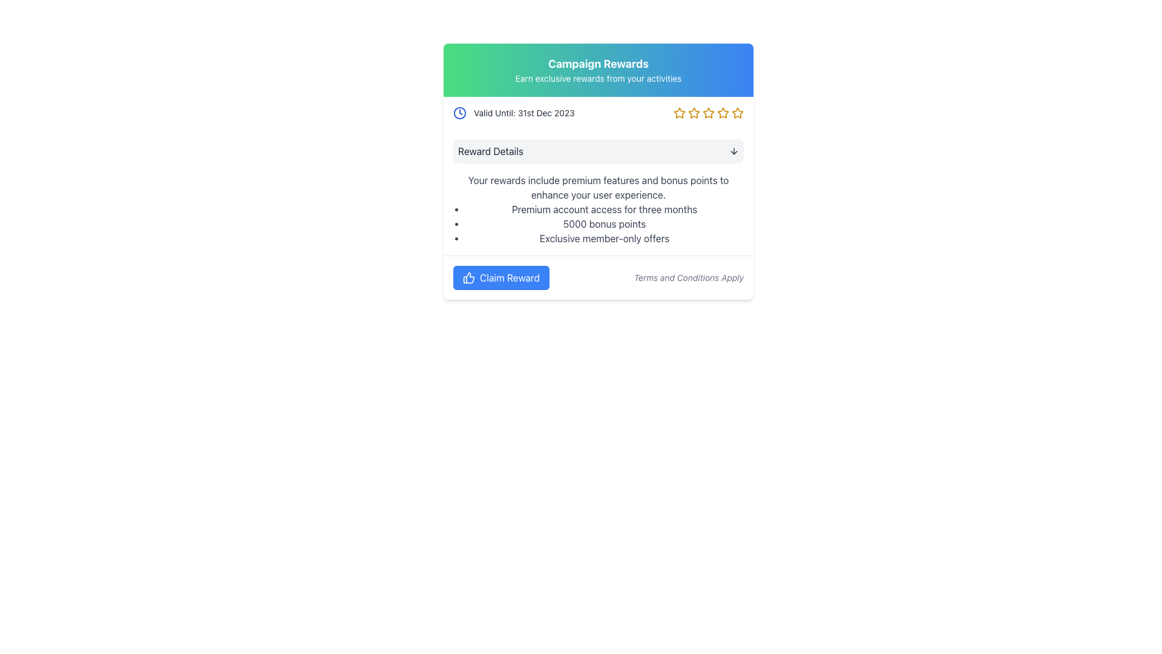 Image resolution: width=1162 pixels, height=654 pixels. Describe the element at coordinates (689, 278) in the screenshot. I see `the text label that serves to notify users about the applicability of terms and conditions, located in the bottom-right corner next to the 'Claim Reward' button` at that location.